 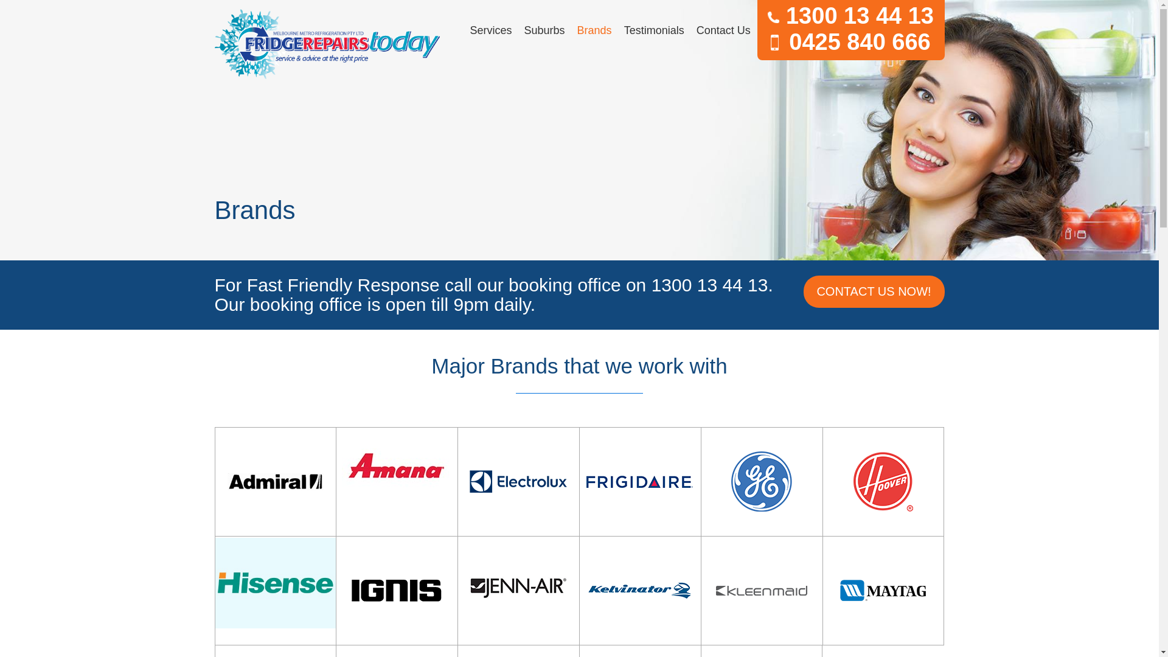 What do you see at coordinates (490, 30) in the screenshot?
I see `'Services'` at bounding box center [490, 30].